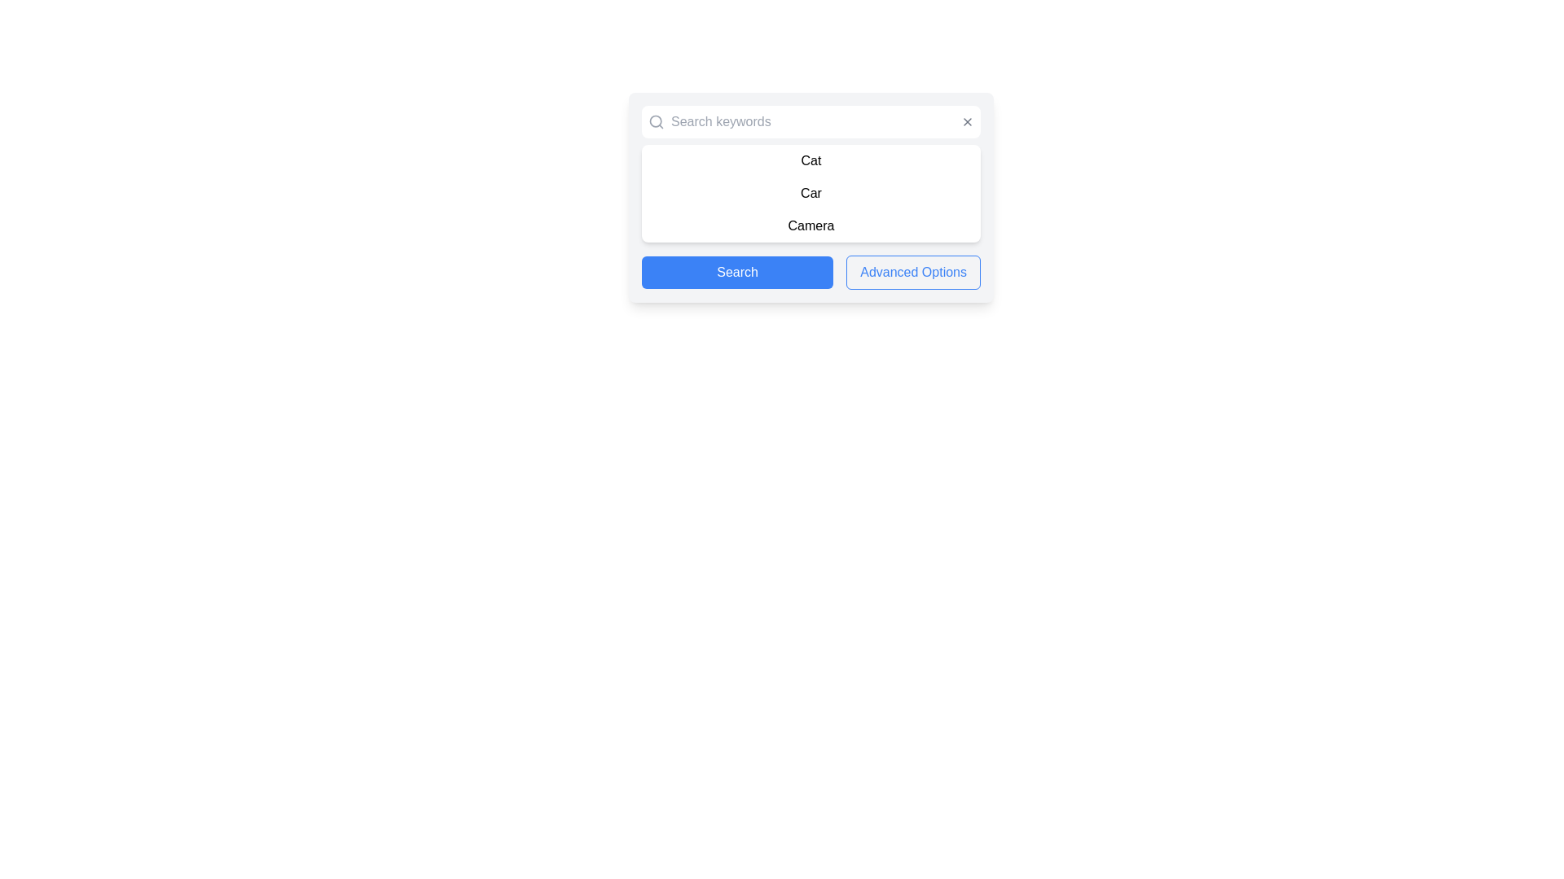 The image size is (1564, 879). I want to click on the clear button located in the top-right corner of the search bar component, so click(968, 121).